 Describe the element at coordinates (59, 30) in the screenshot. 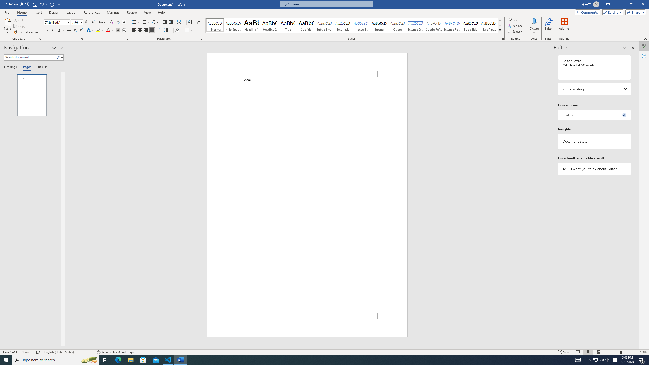

I see `'Underline'` at that location.